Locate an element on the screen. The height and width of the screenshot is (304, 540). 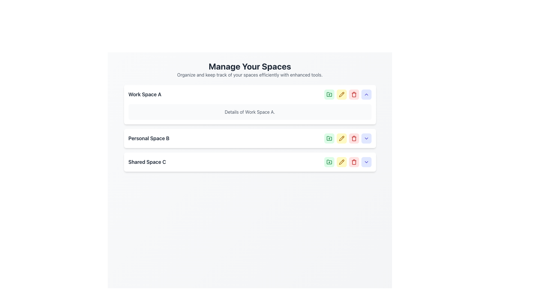
the small square button with a light indigo background and an upward chevron icon, located at the far-right end of a group of five buttons in the Manage Your Spaces interface is located at coordinates (366, 94).